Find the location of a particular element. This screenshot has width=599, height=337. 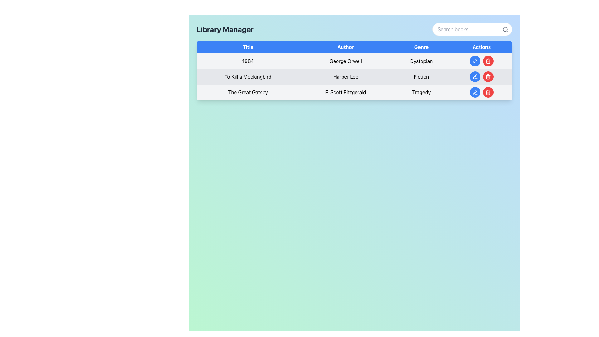

the static text label displaying the title of a book listed in the table for details is located at coordinates (248, 61).